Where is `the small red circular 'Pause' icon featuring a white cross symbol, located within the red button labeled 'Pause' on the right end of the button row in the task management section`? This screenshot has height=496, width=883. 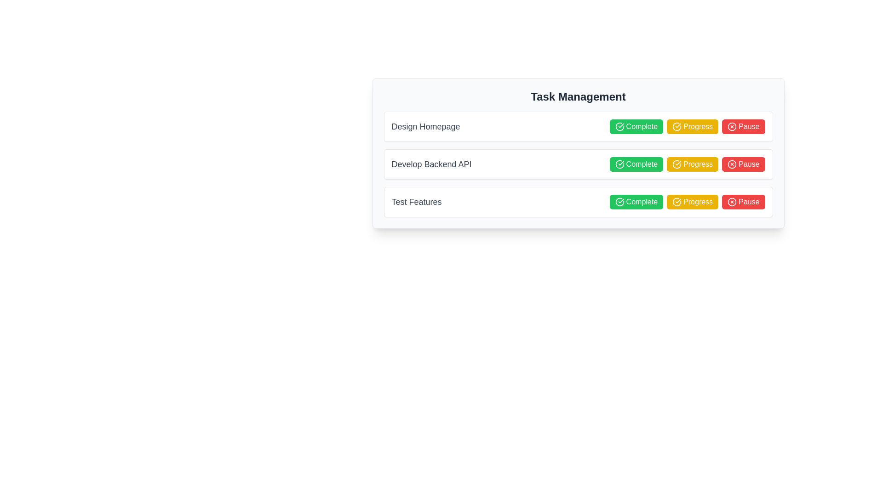 the small red circular 'Pause' icon featuring a white cross symbol, located within the red button labeled 'Pause' on the right end of the button row in the task management section is located at coordinates (732, 127).